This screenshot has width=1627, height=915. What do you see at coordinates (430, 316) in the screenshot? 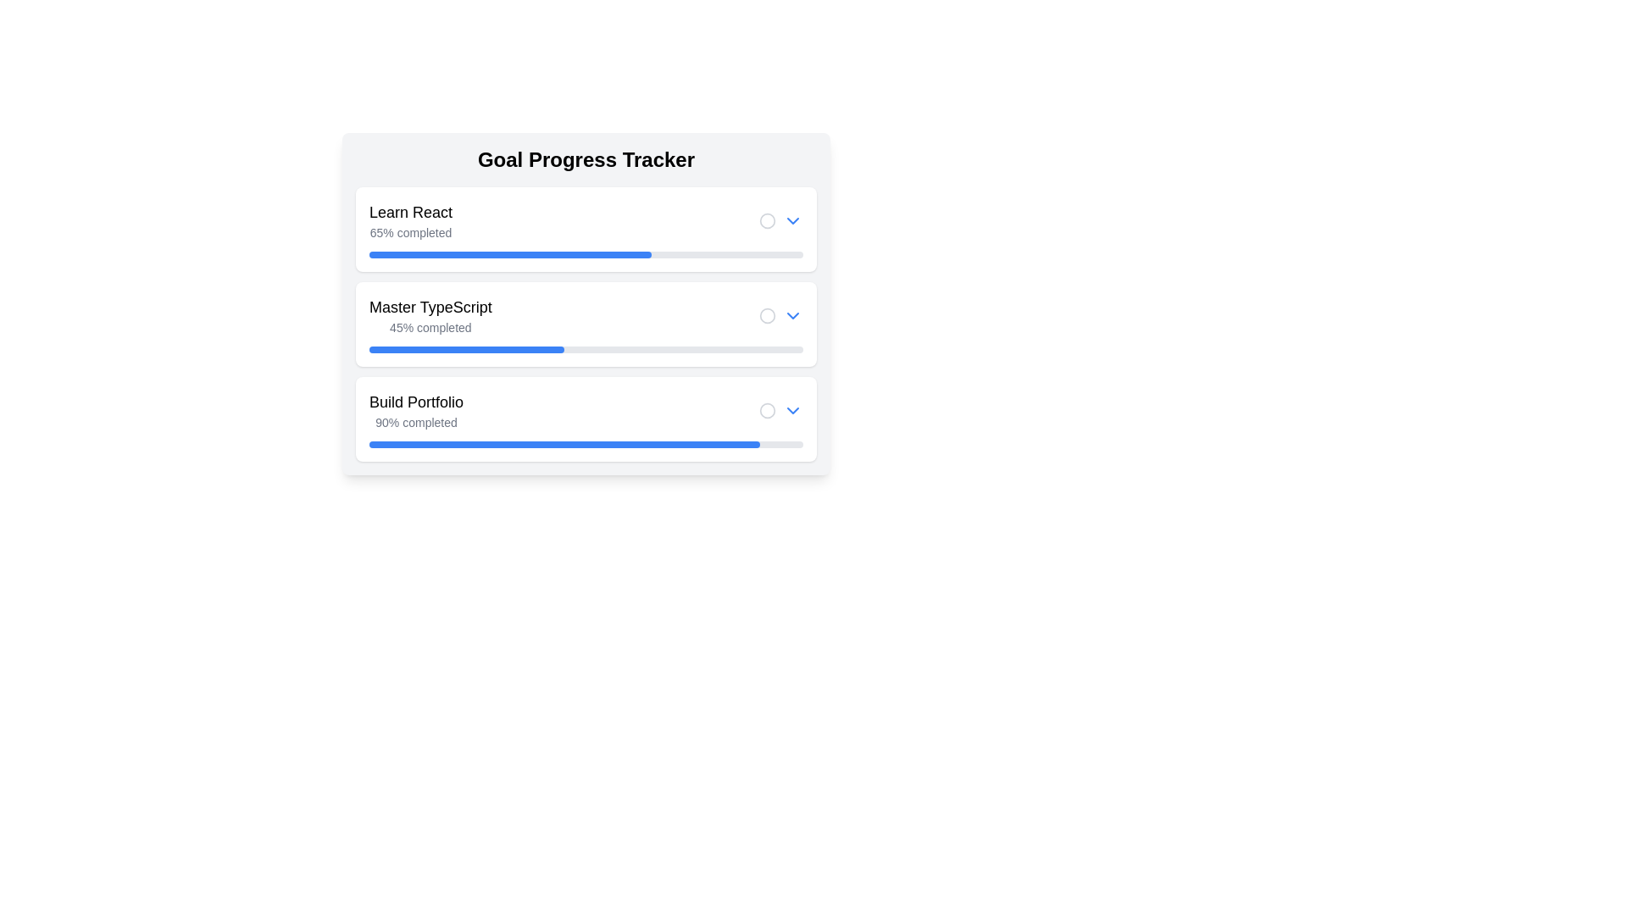
I see `the Text display element that shows the title 'Master TypeScript' and its completion percentage, located in the second progress block below the 'Goal Progress Tracker'` at bounding box center [430, 316].